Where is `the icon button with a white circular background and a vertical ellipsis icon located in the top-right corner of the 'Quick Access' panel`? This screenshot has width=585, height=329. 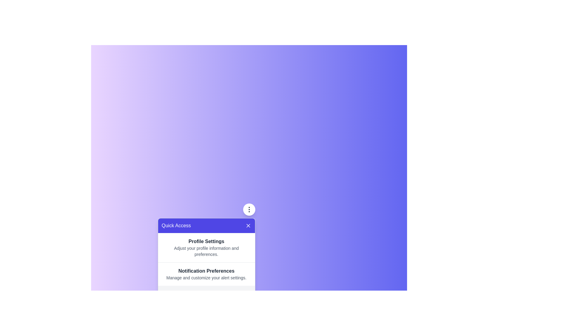 the icon button with a white circular background and a vertical ellipsis icon located in the top-right corner of the 'Quick Access' panel is located at coordinates (249, 209).